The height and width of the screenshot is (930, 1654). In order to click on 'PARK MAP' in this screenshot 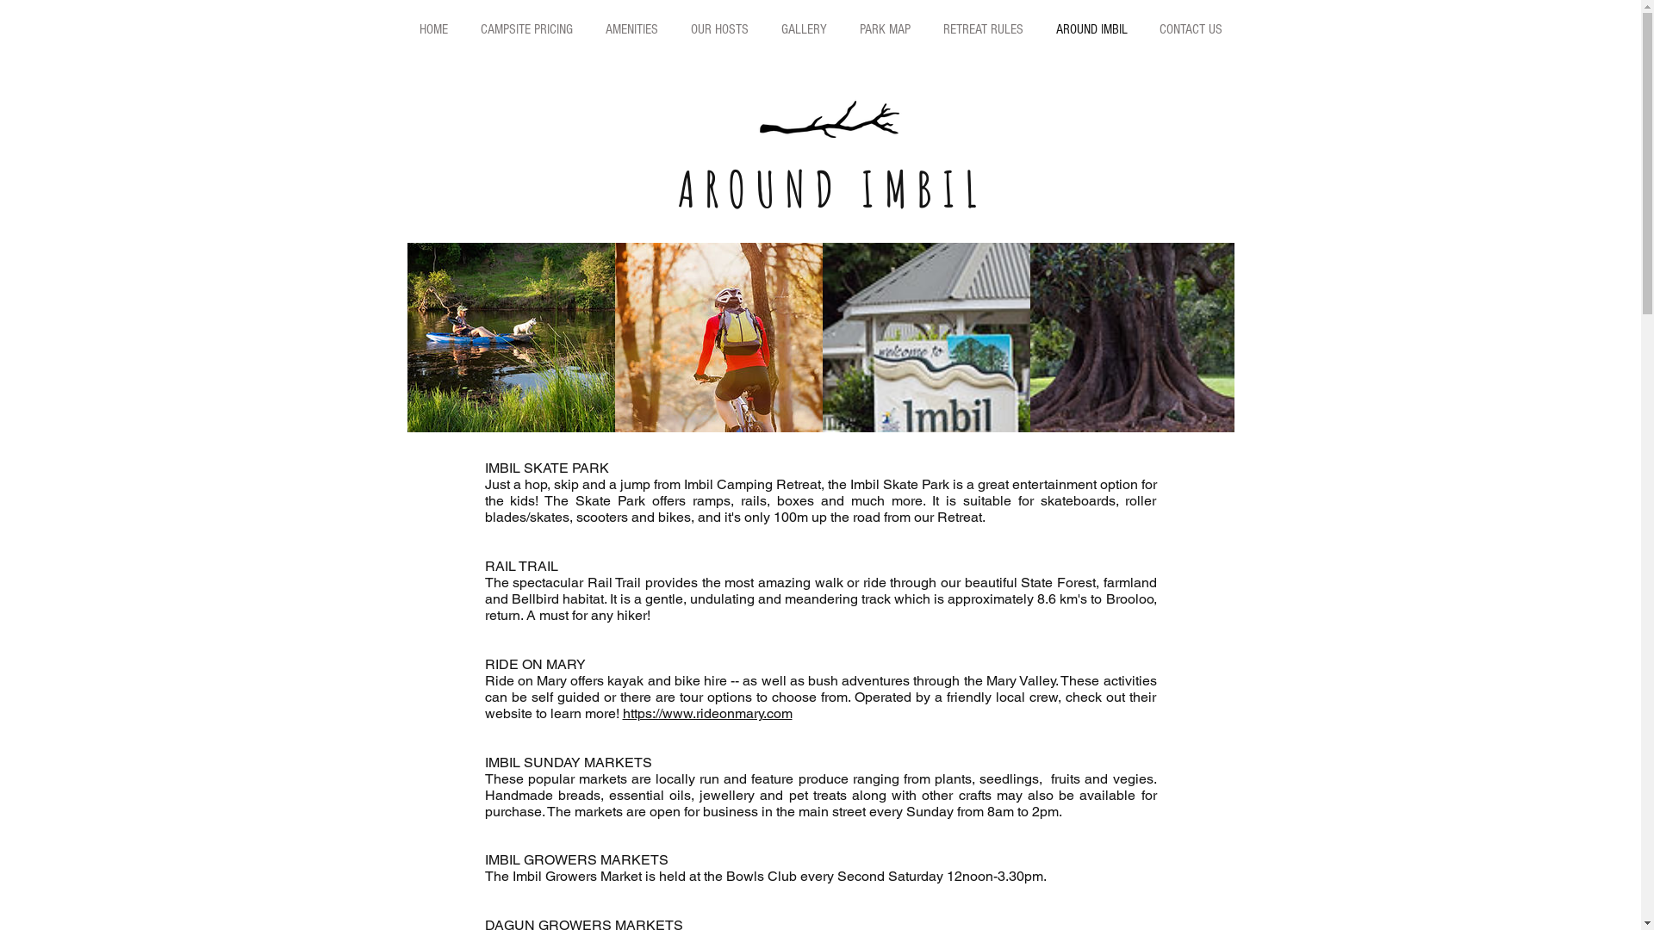, I will do `click(884, 29)`.